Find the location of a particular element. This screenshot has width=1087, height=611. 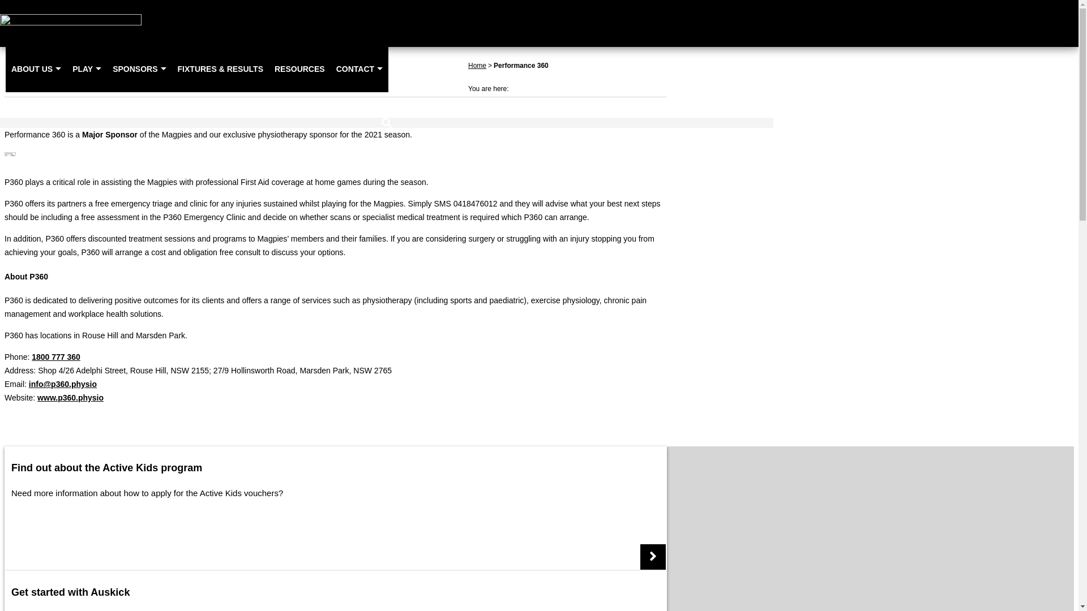

'ABOUT US' is located at coordinates (36, 68).